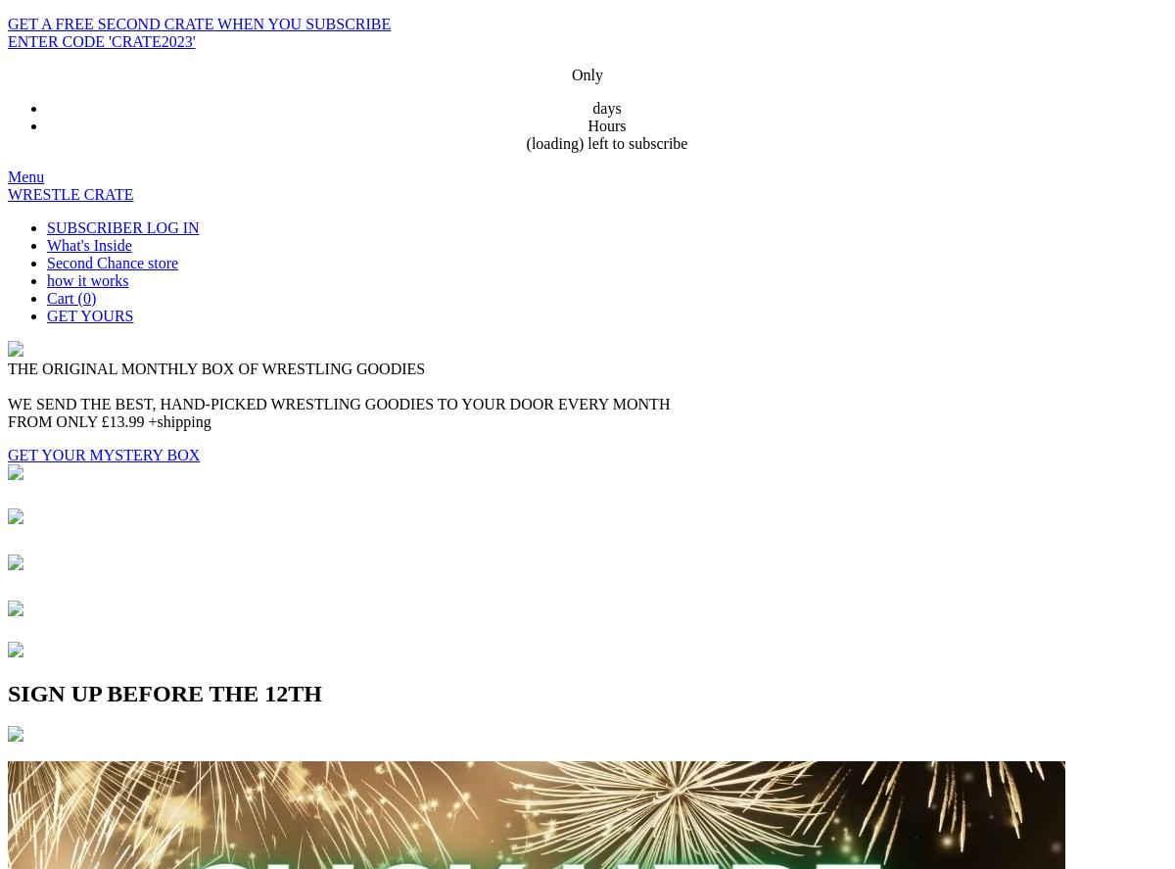  I want to click on 'WE SEND THE BEST, HAND-PICKED WRESTLING GOODIES TO YOUR DOOR EVERY MONTH', so click(338, 404).